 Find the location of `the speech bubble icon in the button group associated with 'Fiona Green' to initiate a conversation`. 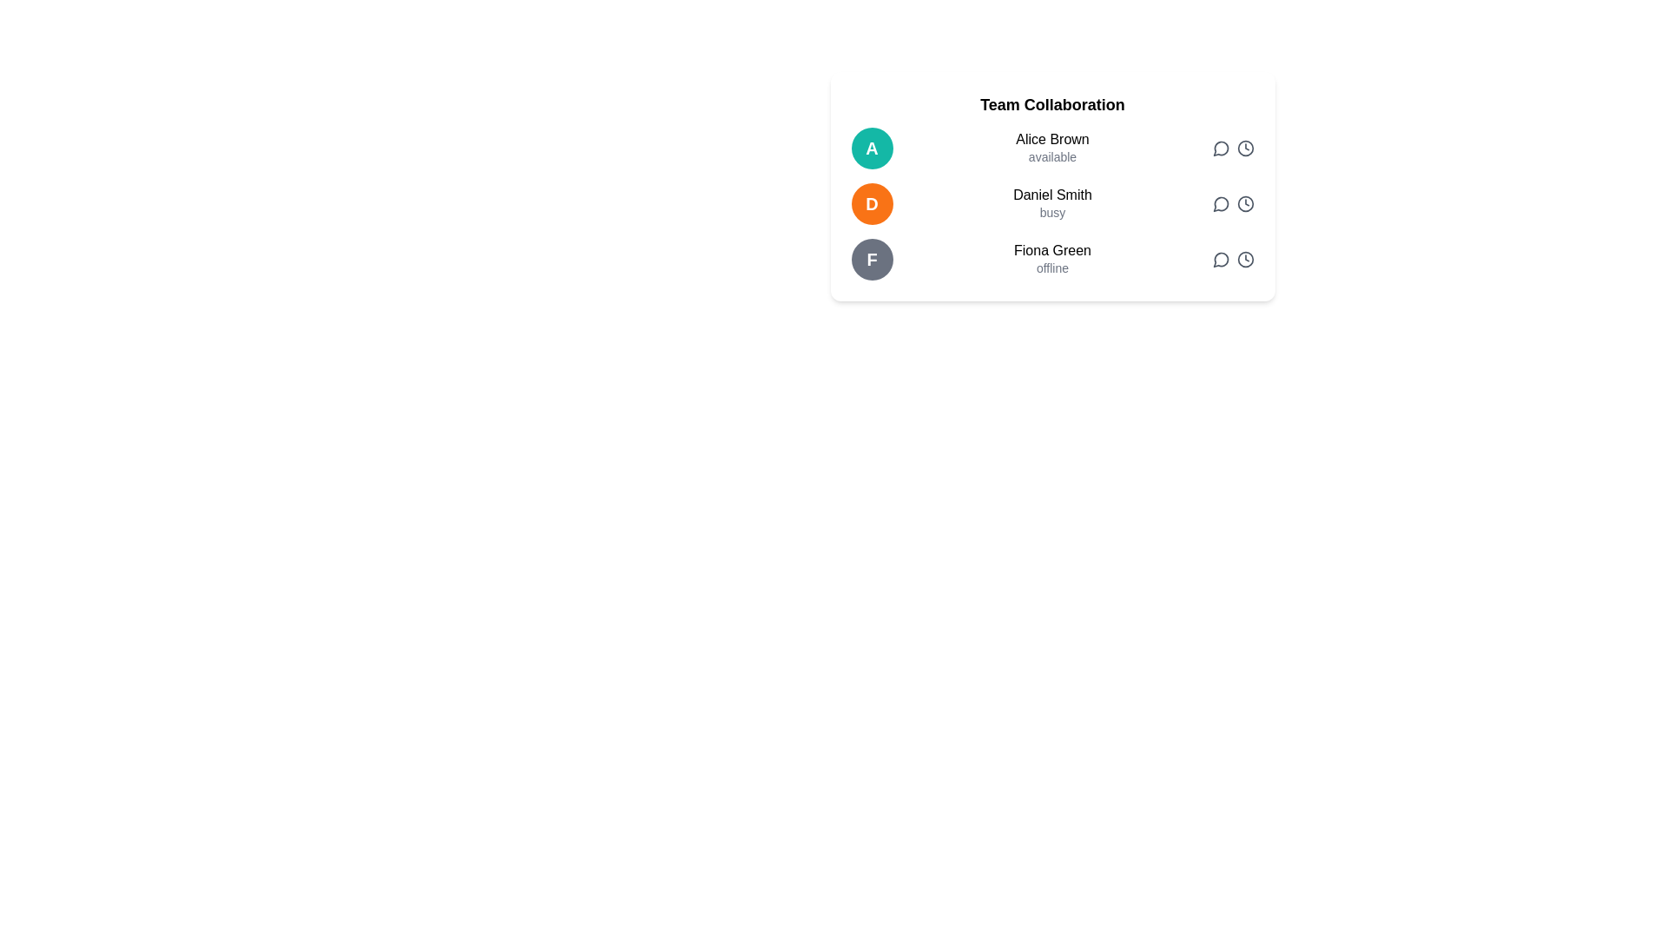

the speech bubble icon in the button group associated with 'Fiona Green' to initiate a conversation is located at coordinates (1232, 260).